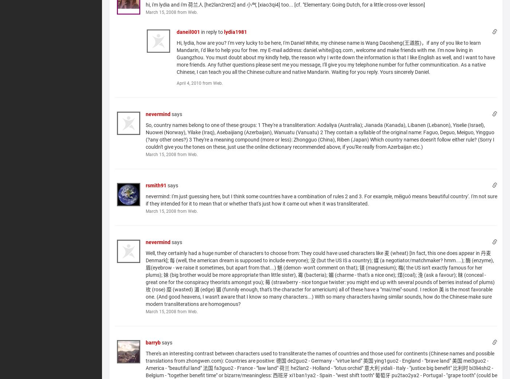 This screenshot has height=379, width=510. What do you see at coordinates (145, 199) in the screenshot?
I see `'nevermind: I'm just guessing here, but I think some countries have a combination of rules 2 and 3. For example, měiguó means 'beautiful country'. I'm not sure if they intended for it to mean that or whether that's just how it came out when it was transliterated.'` at bounding box center [145, 199].